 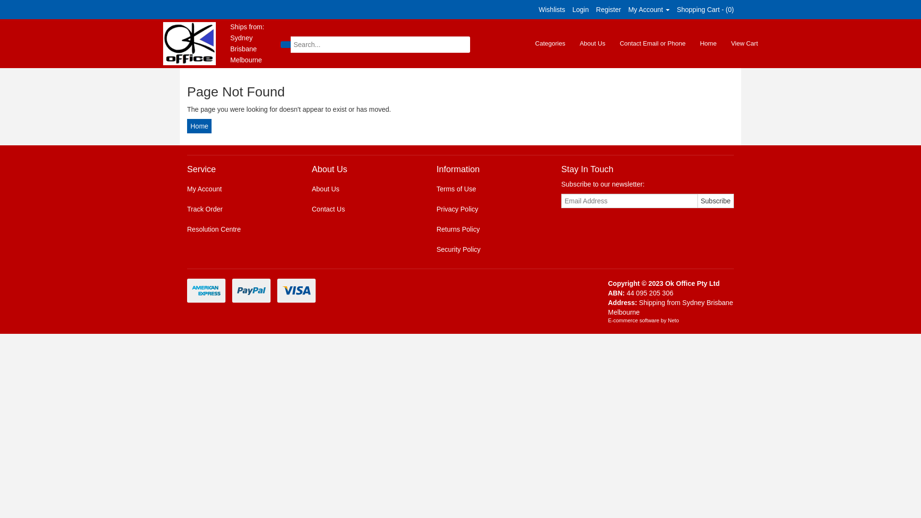 I want to click on 'Shopping Cart - (0)', so click(x=705, y=9).